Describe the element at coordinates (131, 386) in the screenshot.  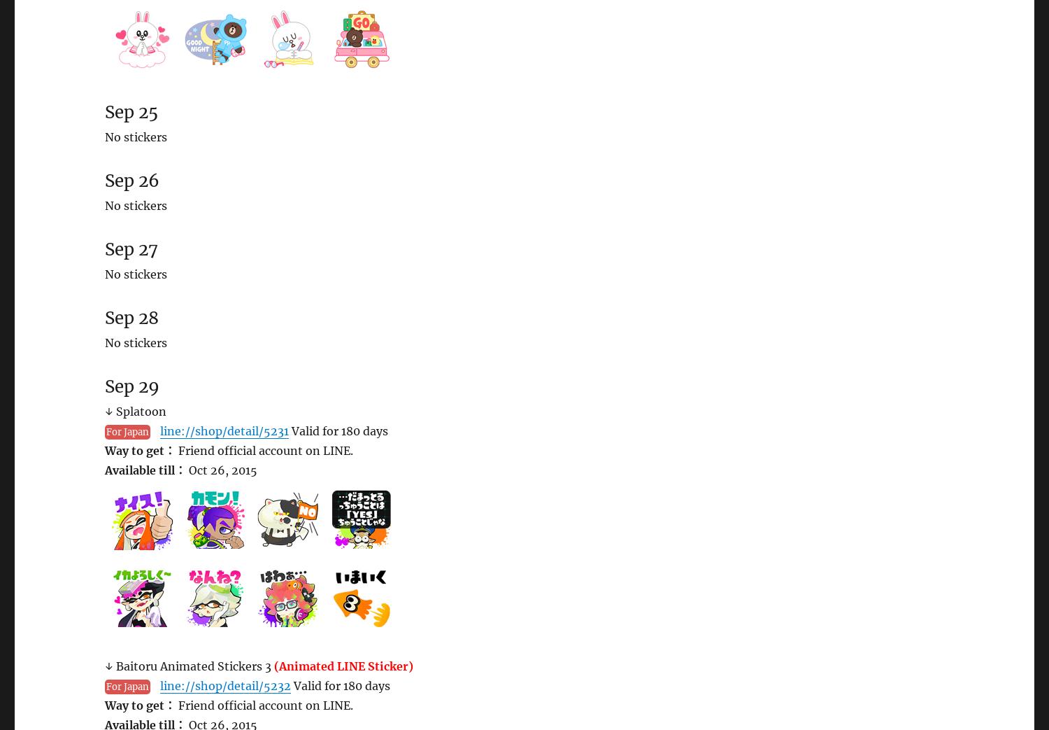
I see `'Sep 29'` at that location.